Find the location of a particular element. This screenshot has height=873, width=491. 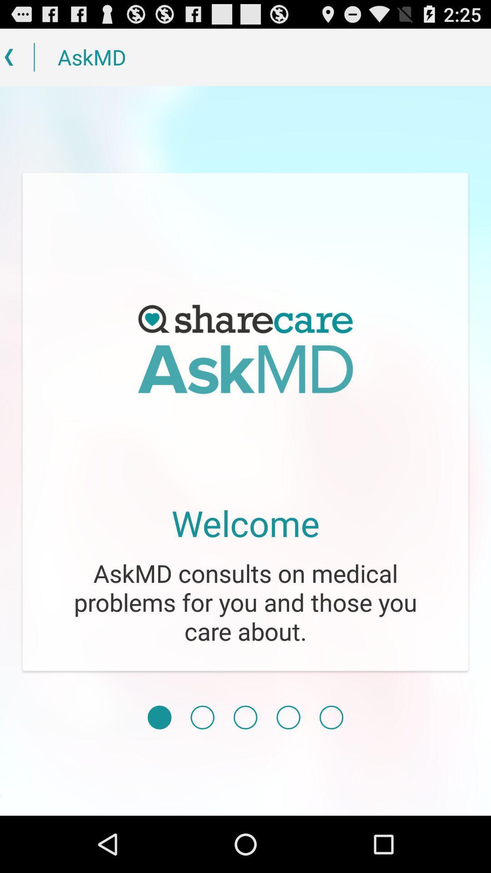

last is located at coordinates (331, 717).